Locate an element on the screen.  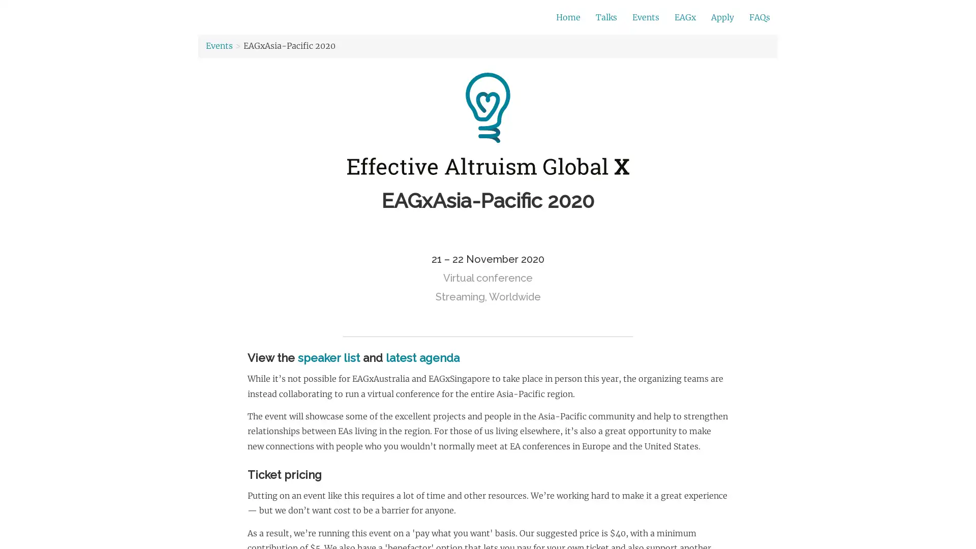
Join 50,000+ effective altruists and get the monthly EA newsletter is located at coordinates (414, 17).